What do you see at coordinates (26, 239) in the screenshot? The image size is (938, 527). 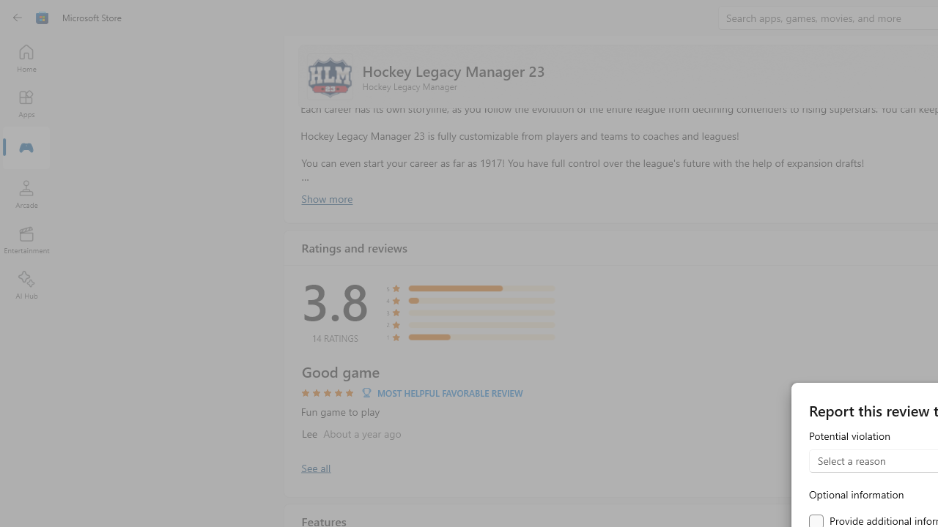 I see `'Entertainment'` at bounding box center [26, 239].